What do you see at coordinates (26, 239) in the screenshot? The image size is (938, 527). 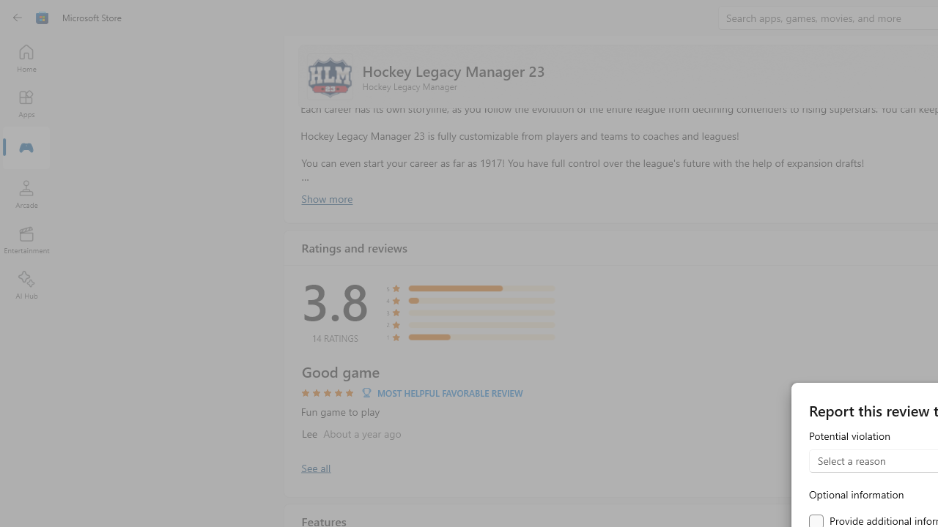 I see `'Entertainment'` at bounding box center [26, 239].